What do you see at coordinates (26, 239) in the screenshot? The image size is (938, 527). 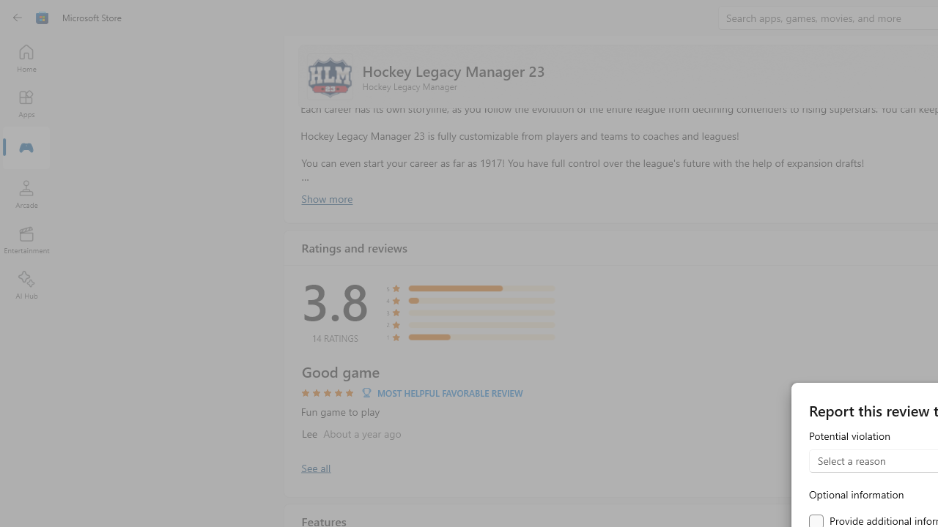 I see `'Entertainment'` at bounding box center [26, 239].